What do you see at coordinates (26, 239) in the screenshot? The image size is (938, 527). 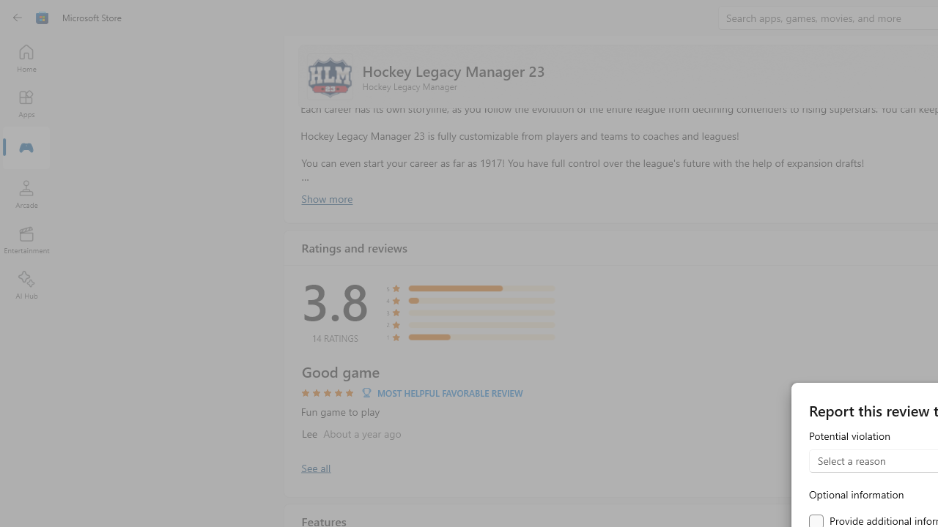 I see `'Entertainment'` at bounding box center [26, 239].